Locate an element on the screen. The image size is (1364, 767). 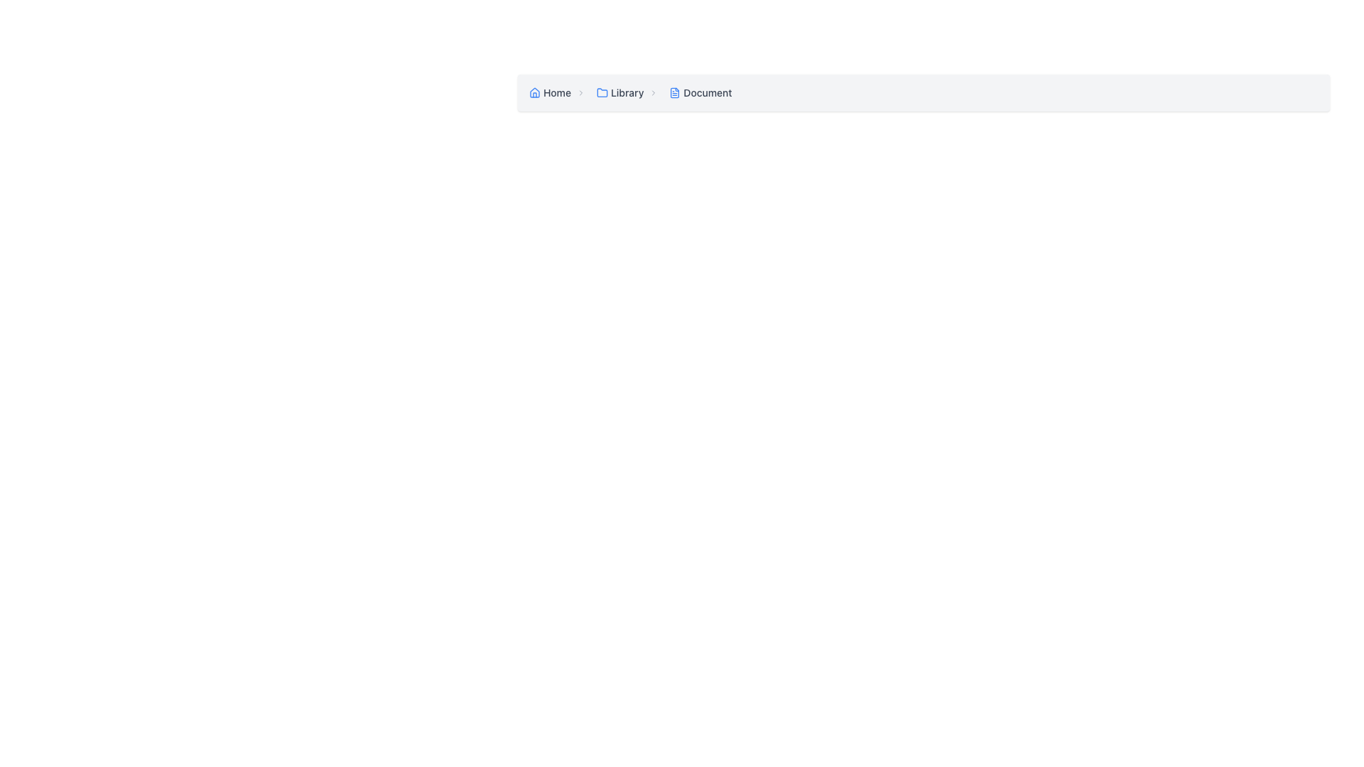
the blue file icon representing a document located in the breadcrumb navigation bar adjacent to the text label 'Document' is located at coordinates (674, 93).